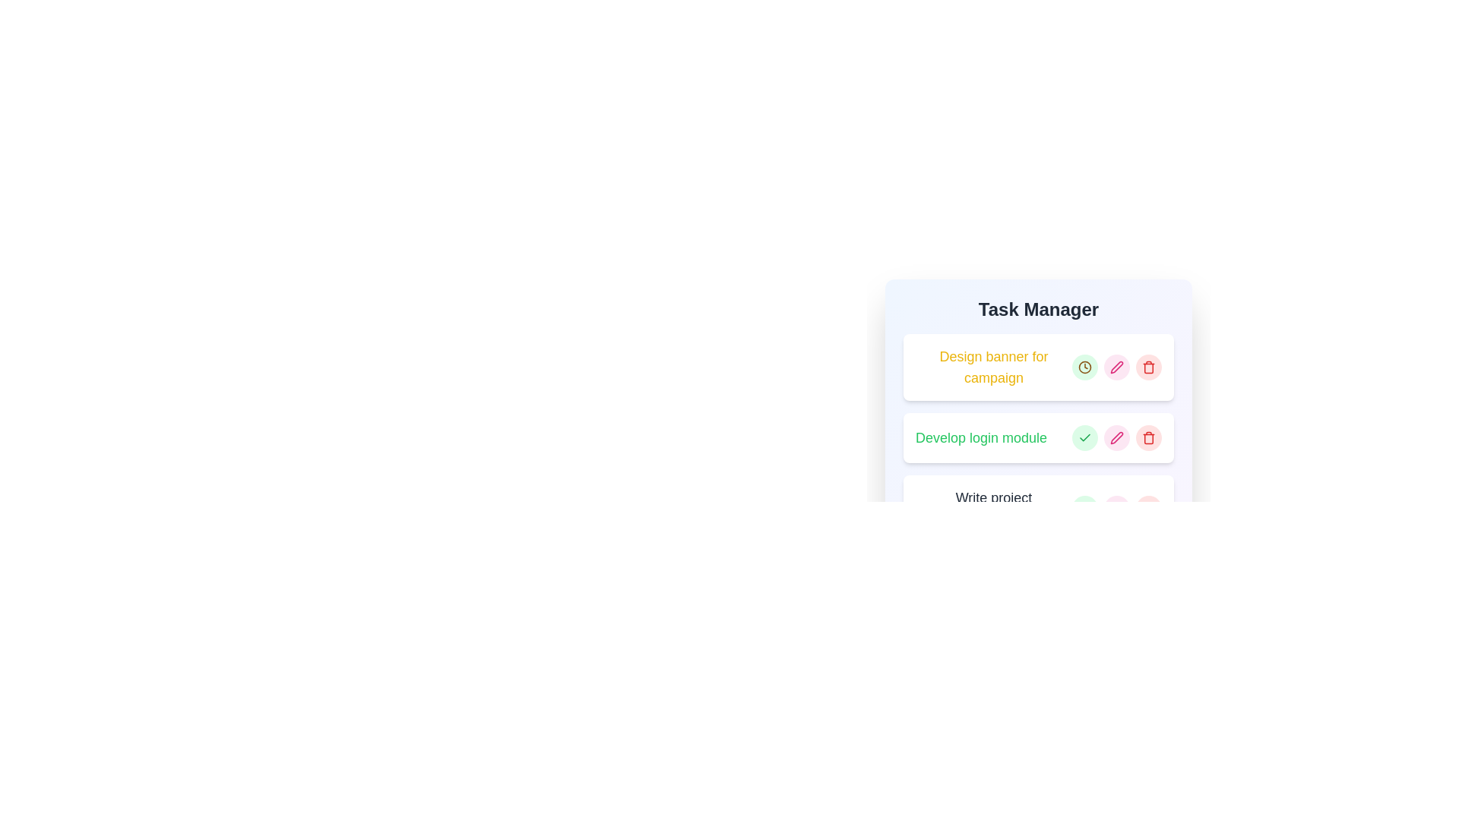 The height and width of the screenshot is (820, 1459). Describe the element at coordinates (1149, 509) in the screenshot. I see `the circular delete button with a red background color, which is the third button among three siblings in a horizontal alignment in the task manager section, to change its background color to a lighter red shade` at that location.